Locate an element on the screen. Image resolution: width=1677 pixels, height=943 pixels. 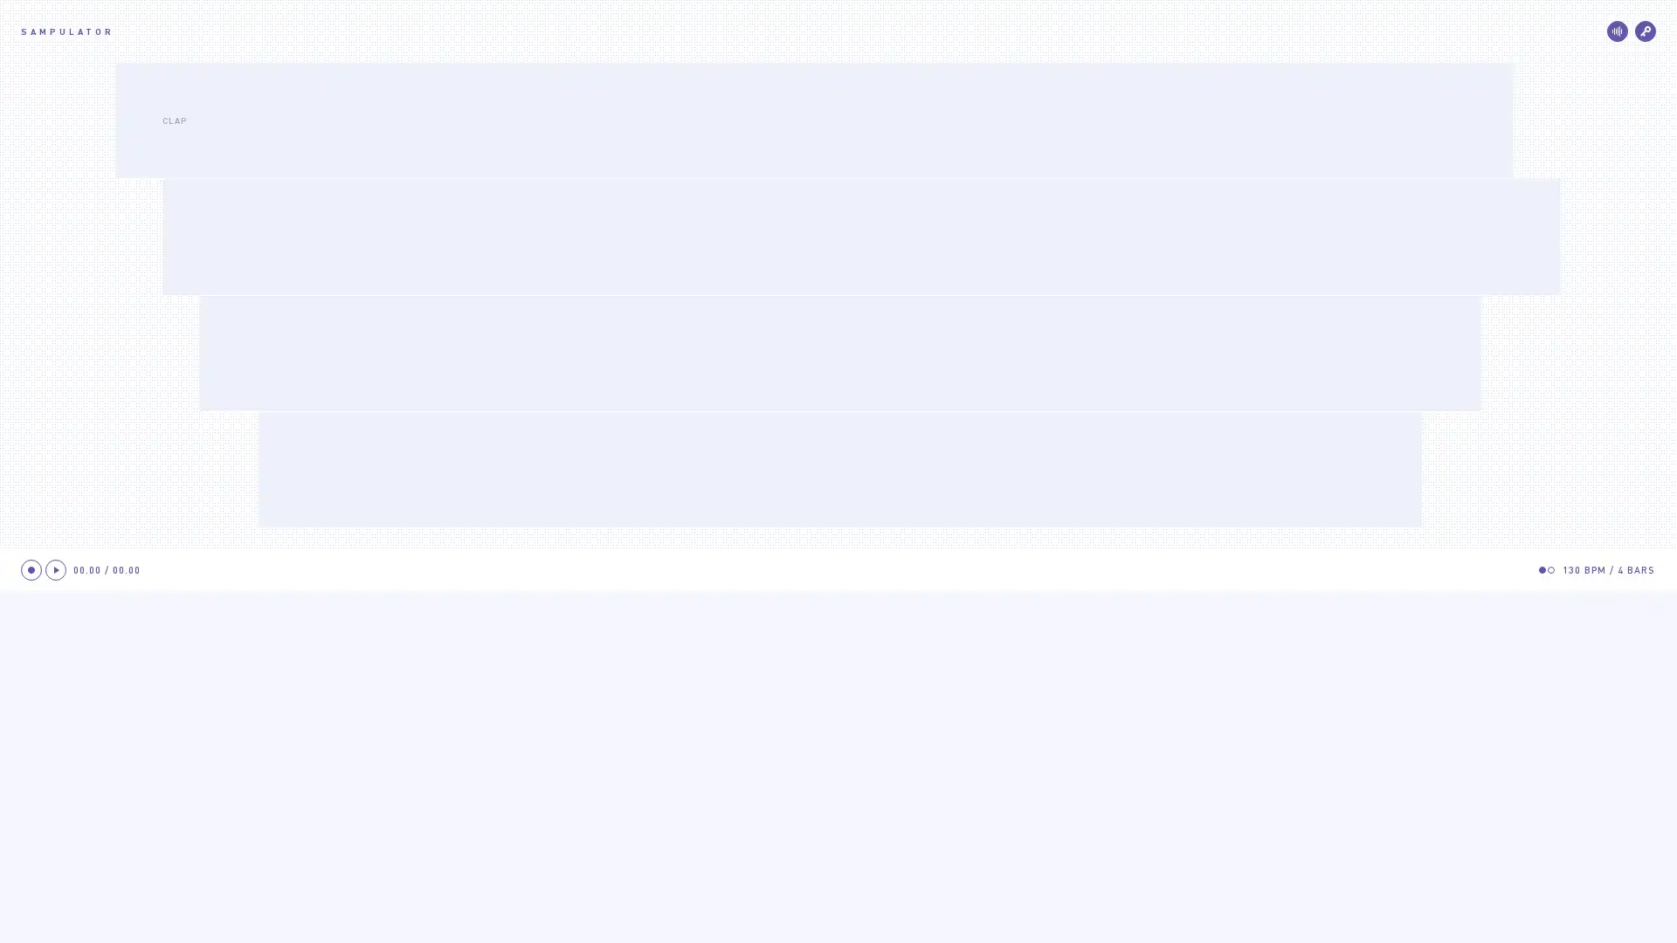
126 BPM/4 BARS is located at coordinates (1608, 569).